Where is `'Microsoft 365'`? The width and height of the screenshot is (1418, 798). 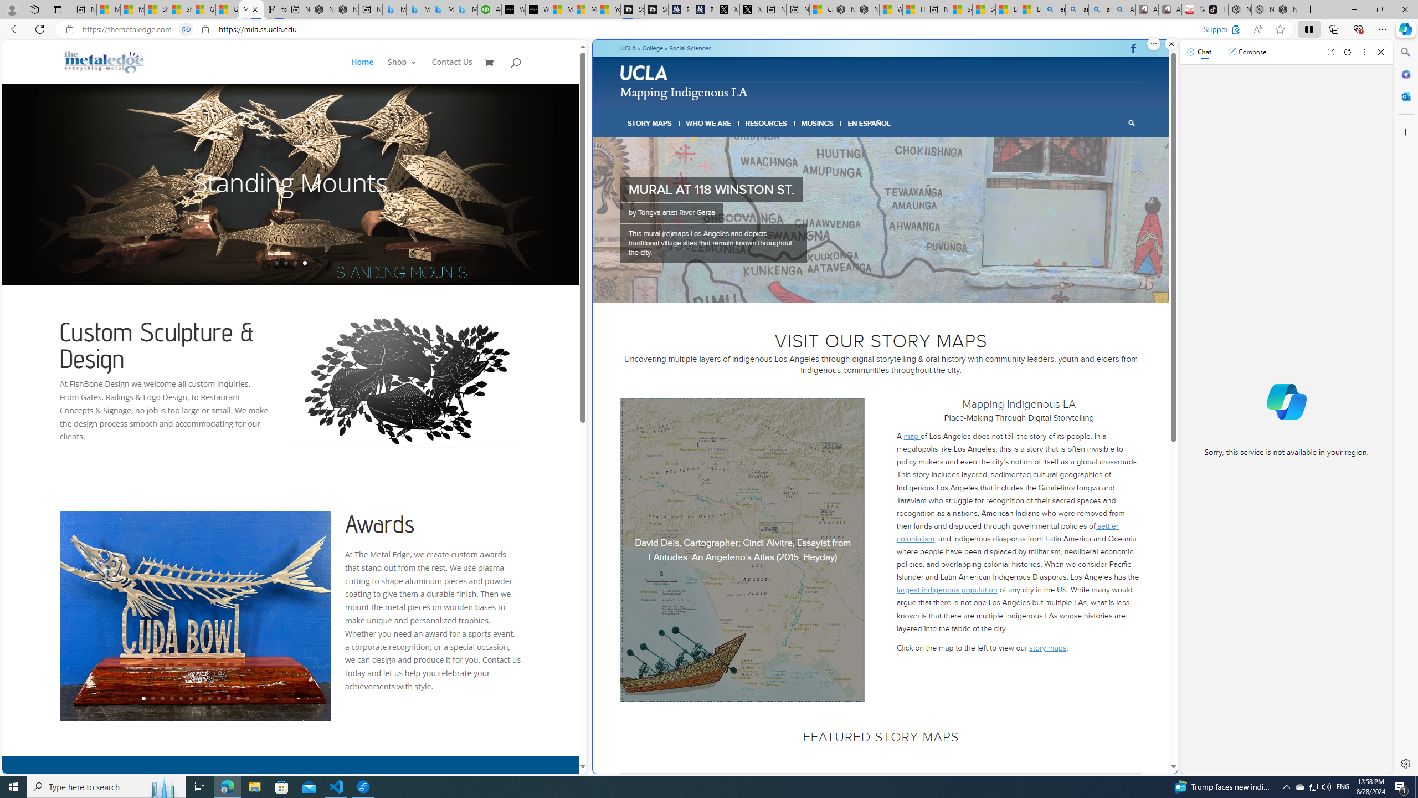
'Microsoft 365' is located at coordinates (1404, 74).